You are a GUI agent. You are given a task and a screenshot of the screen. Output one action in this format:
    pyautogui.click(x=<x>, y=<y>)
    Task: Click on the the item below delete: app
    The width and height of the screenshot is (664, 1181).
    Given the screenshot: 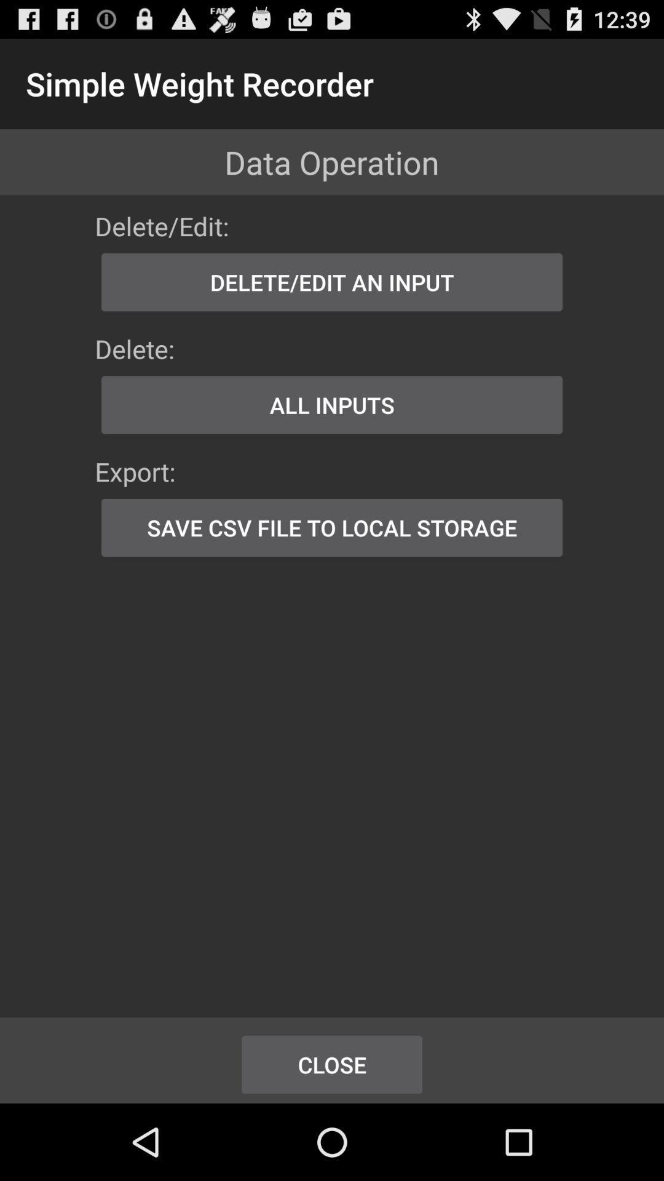 What is the action you would take?
    pyautogui.click(x=332, y=405)
    